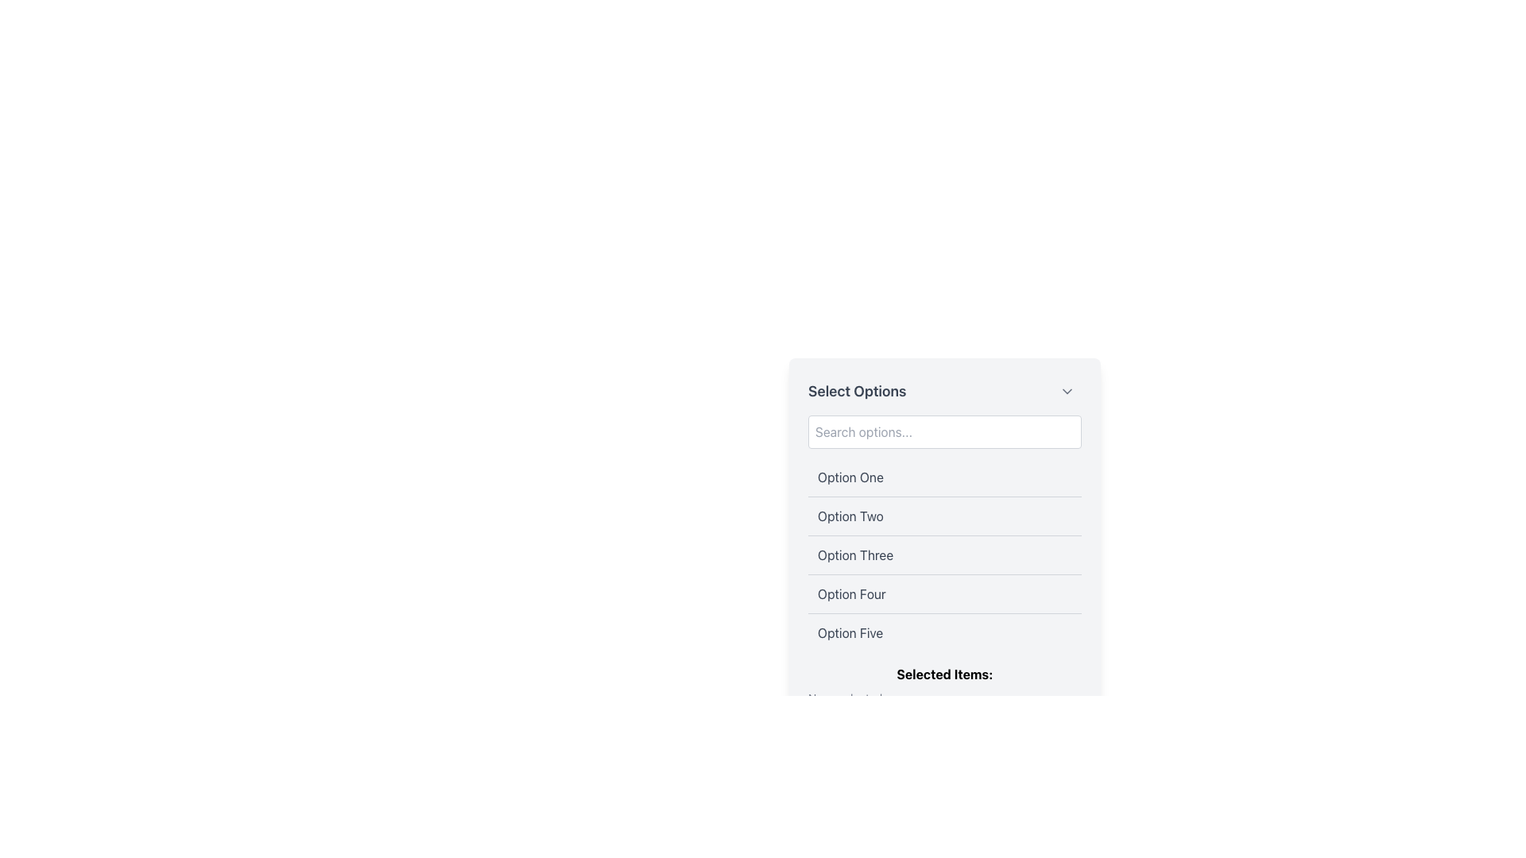  Describe the element at coordinates (945, 477) in the screenshot. I see `to select 'Option One' from the dropdown list located directly beneath the search box labeled 'Search options...'` at that location.